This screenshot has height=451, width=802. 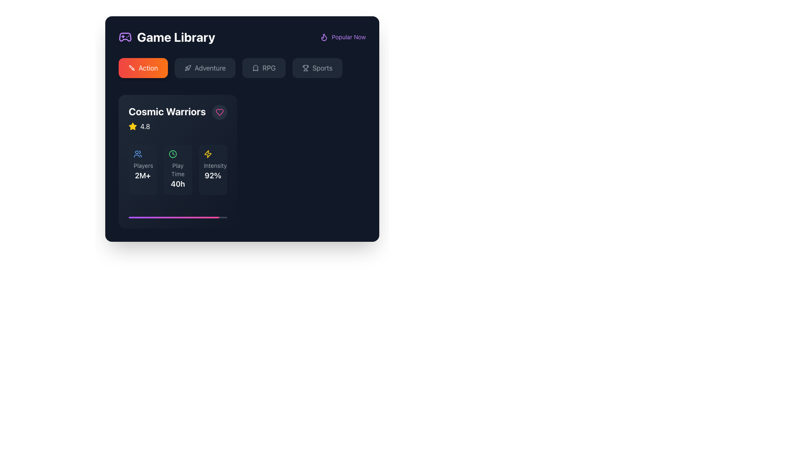 I want to click on the static text element titled 'Game Library', which serves as a heading for the game collection section, so click(x=175, y=36).